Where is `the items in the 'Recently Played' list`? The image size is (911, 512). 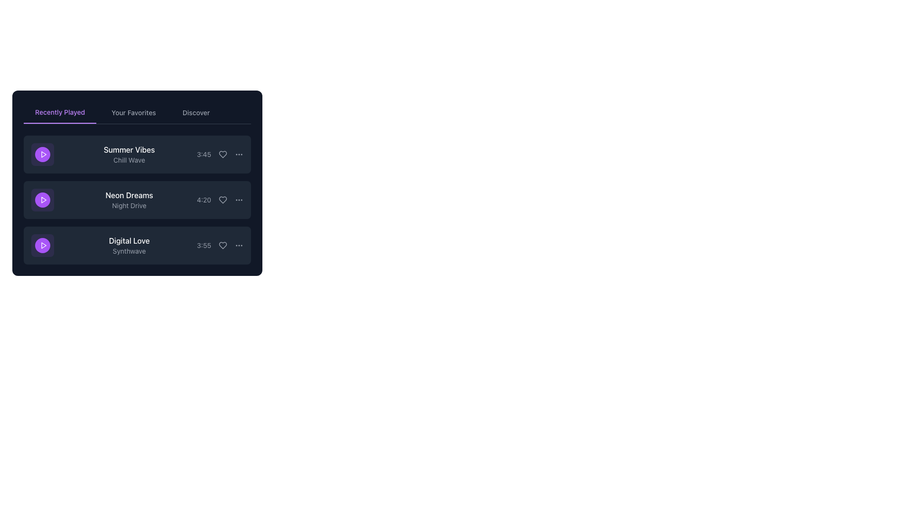
the items in the 'Recently Played' list is located at coordinates (137, 199).